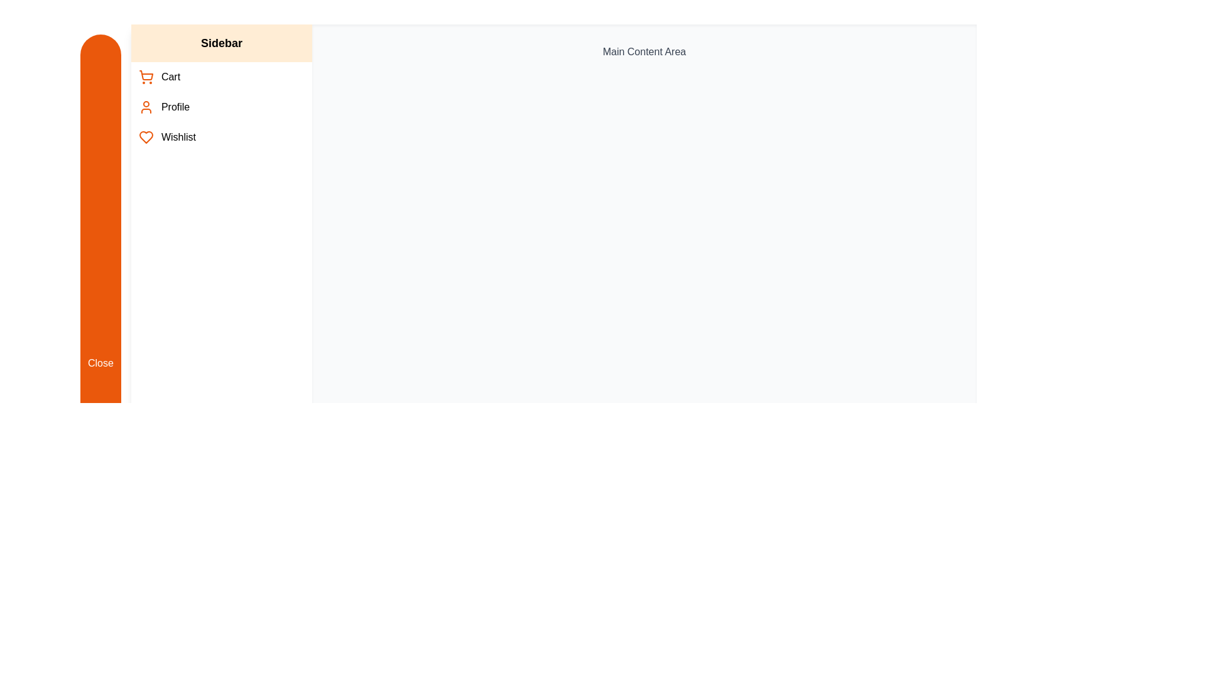  What do you see at coordinates (145, 106) in the screenshot?
I see `the icon next to Profile in the sidebar` at bounding box center [145, 106].